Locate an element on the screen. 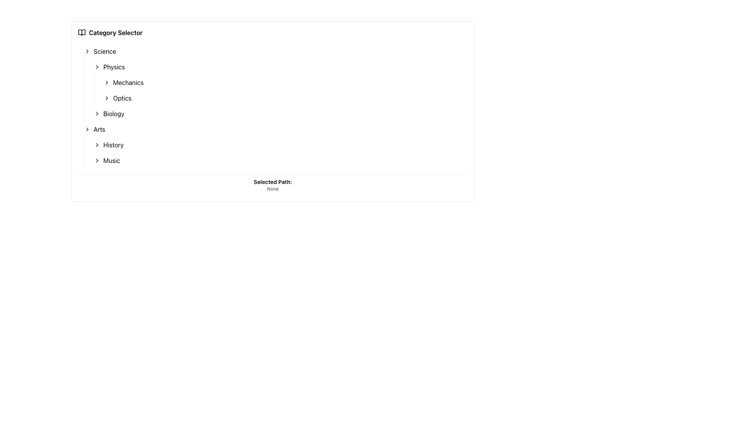 The image size is (749, 421). the Chevron icon located to the left of the 'Music' text is located at coordinates (97, 160).